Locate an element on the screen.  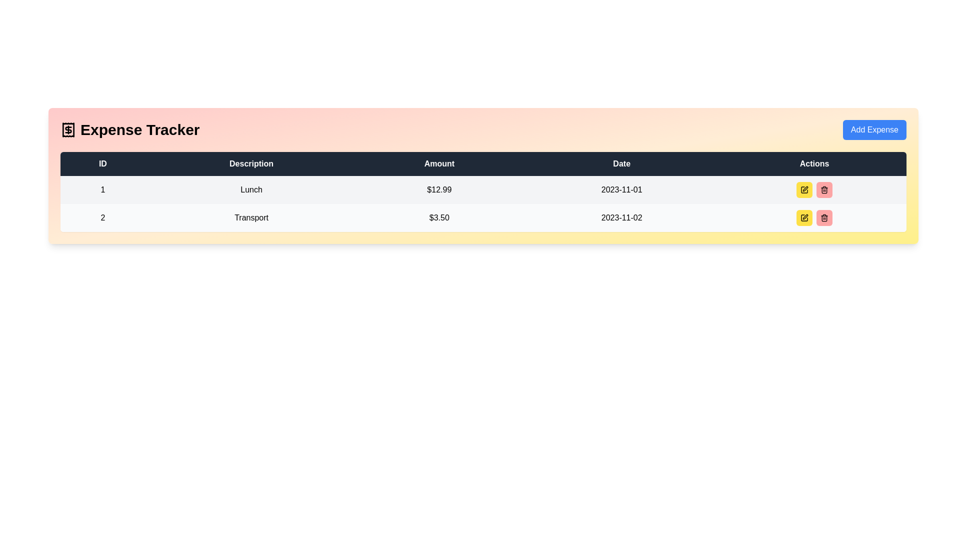
the Text Label serving as the table column header for dates, located in the fourth column between 'Amount' and 'Actions' is located at coordinates (621, 163).